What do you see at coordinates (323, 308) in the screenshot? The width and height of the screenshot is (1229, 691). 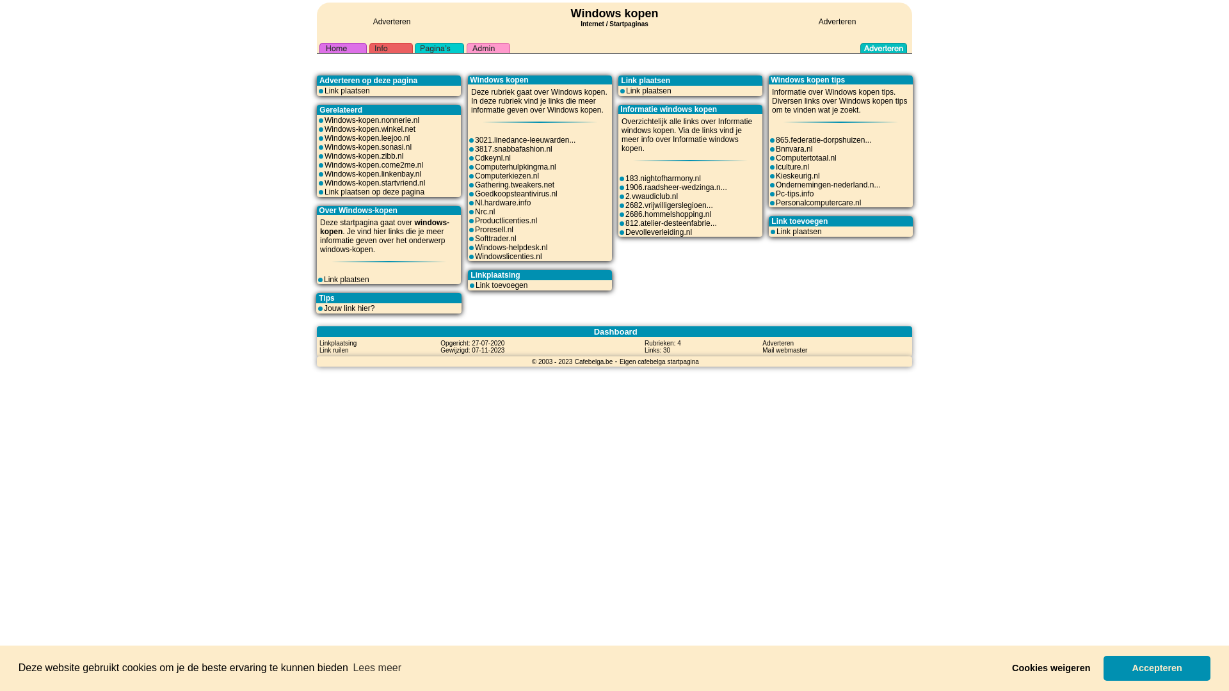 I see `'Jouw link hier?'` at bounding box center [323, 308].